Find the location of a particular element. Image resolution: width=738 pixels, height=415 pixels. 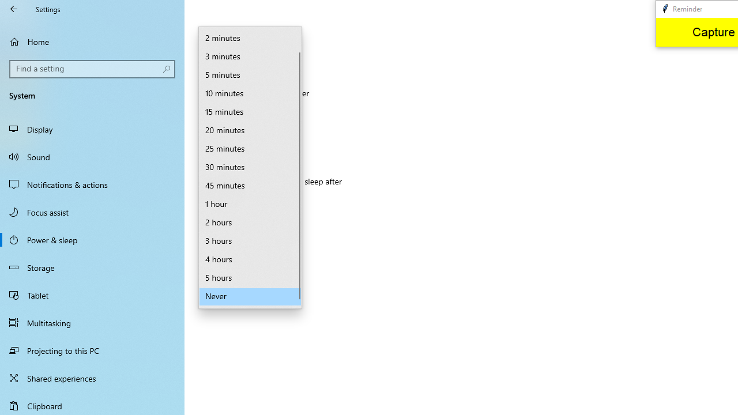

'Shared experiences' is located at coordinates (92, 378).